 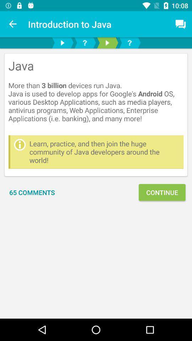 I want to click on icon below the learn practice and icon, so click(x=32, y=192).